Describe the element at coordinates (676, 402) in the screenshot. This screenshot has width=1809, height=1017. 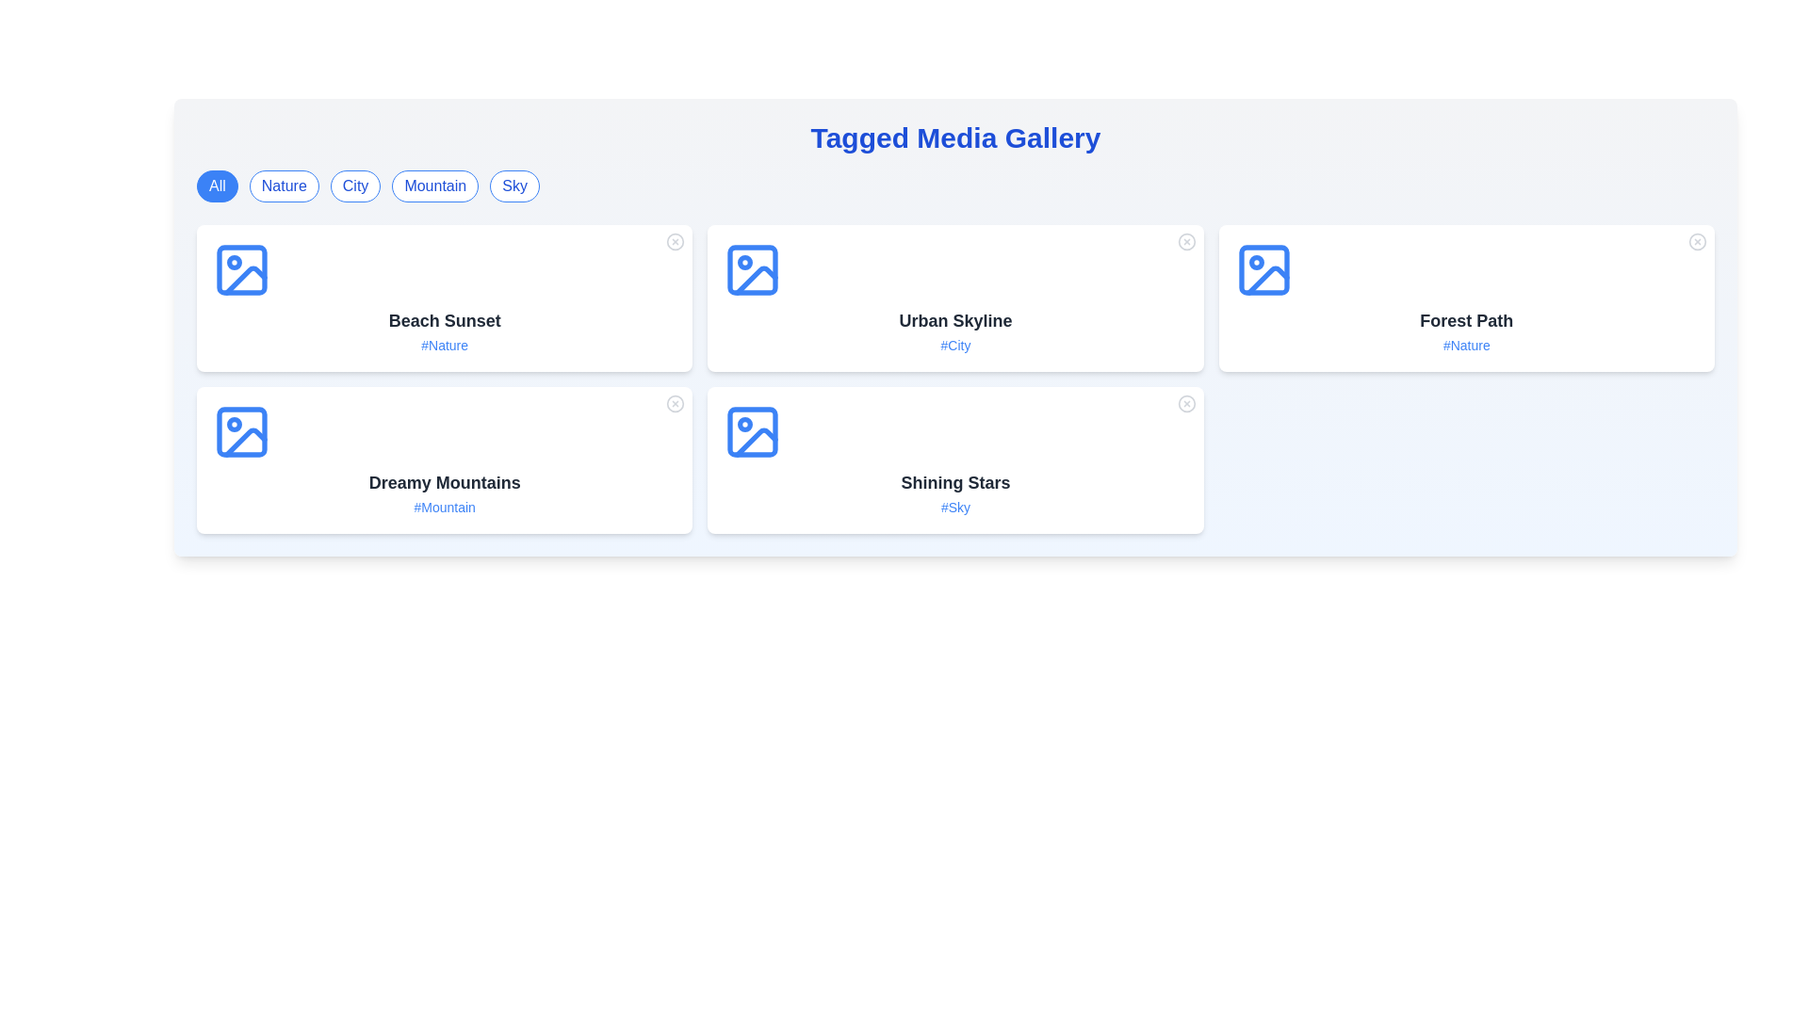
I see `the close button of a media item identified by Dreamy Mountains` at that location.